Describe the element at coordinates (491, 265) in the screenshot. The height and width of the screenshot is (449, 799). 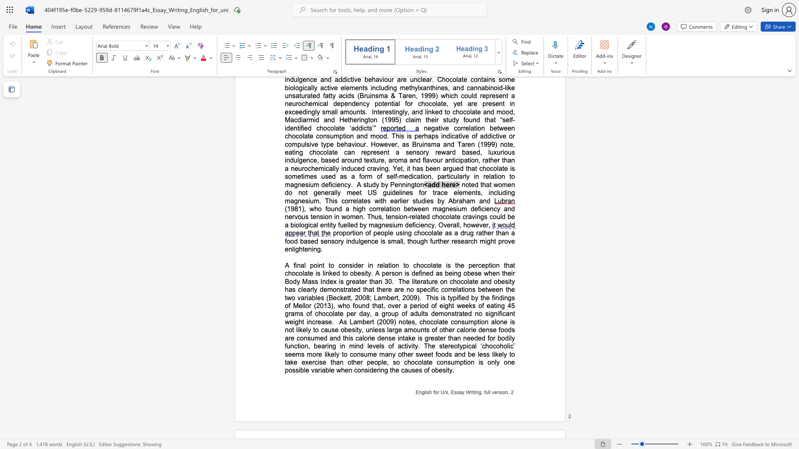
I see `the subset text "io" within the text "perception"` at that location.